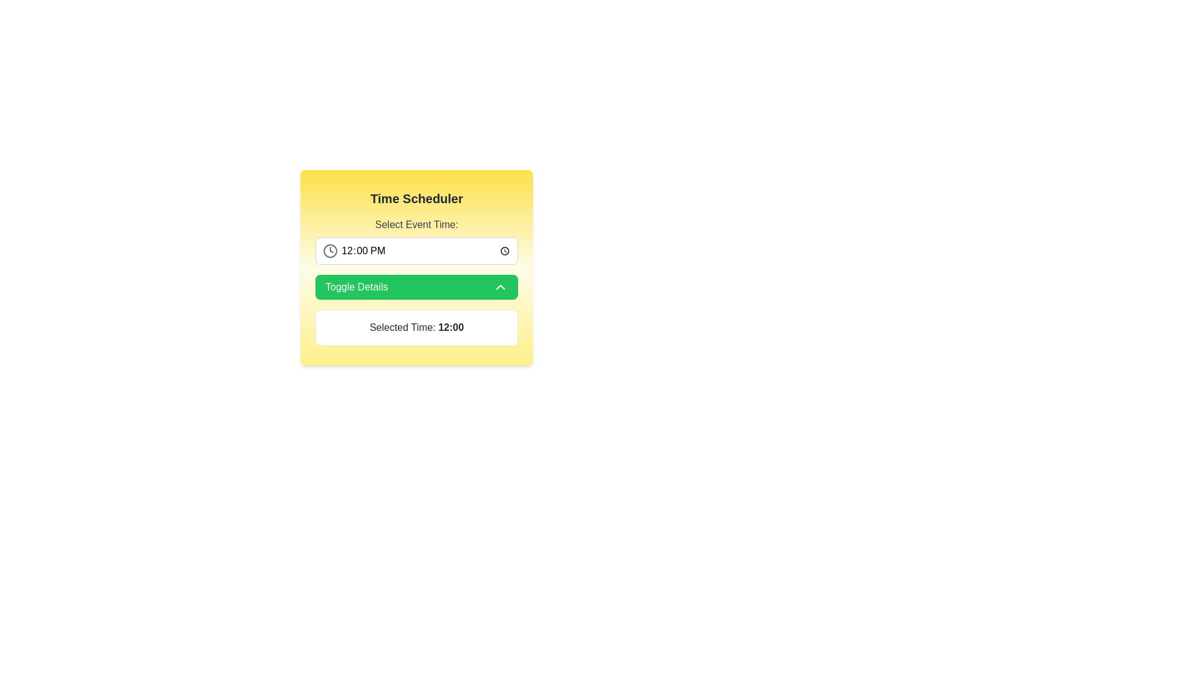 This screenshot has height=673, width=1197. What do you see at coordinates (416, 265) in the screenshot?
I see `a time in the time field of the 'Time Scheduler' card component, which displays '12:00 PM'` at bounding box center [416, 265].